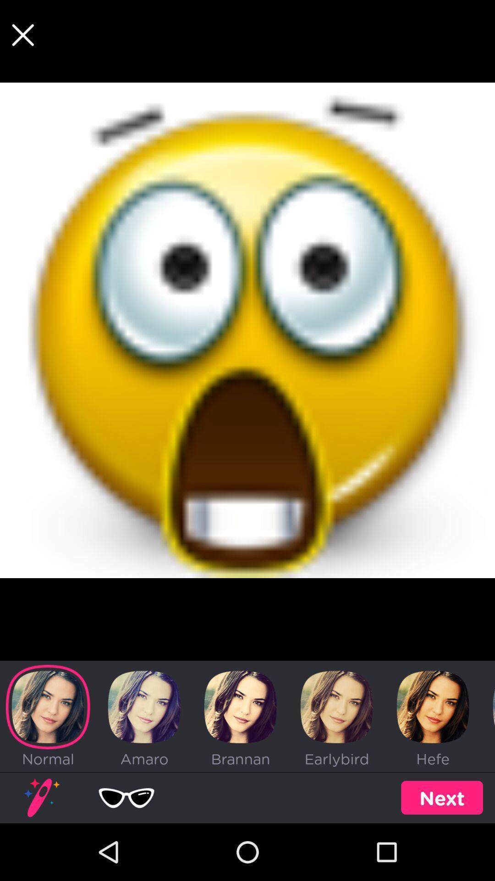  Describe the element at coordinates (22, 35) in the screenshot. I see `the close icon` at that location.